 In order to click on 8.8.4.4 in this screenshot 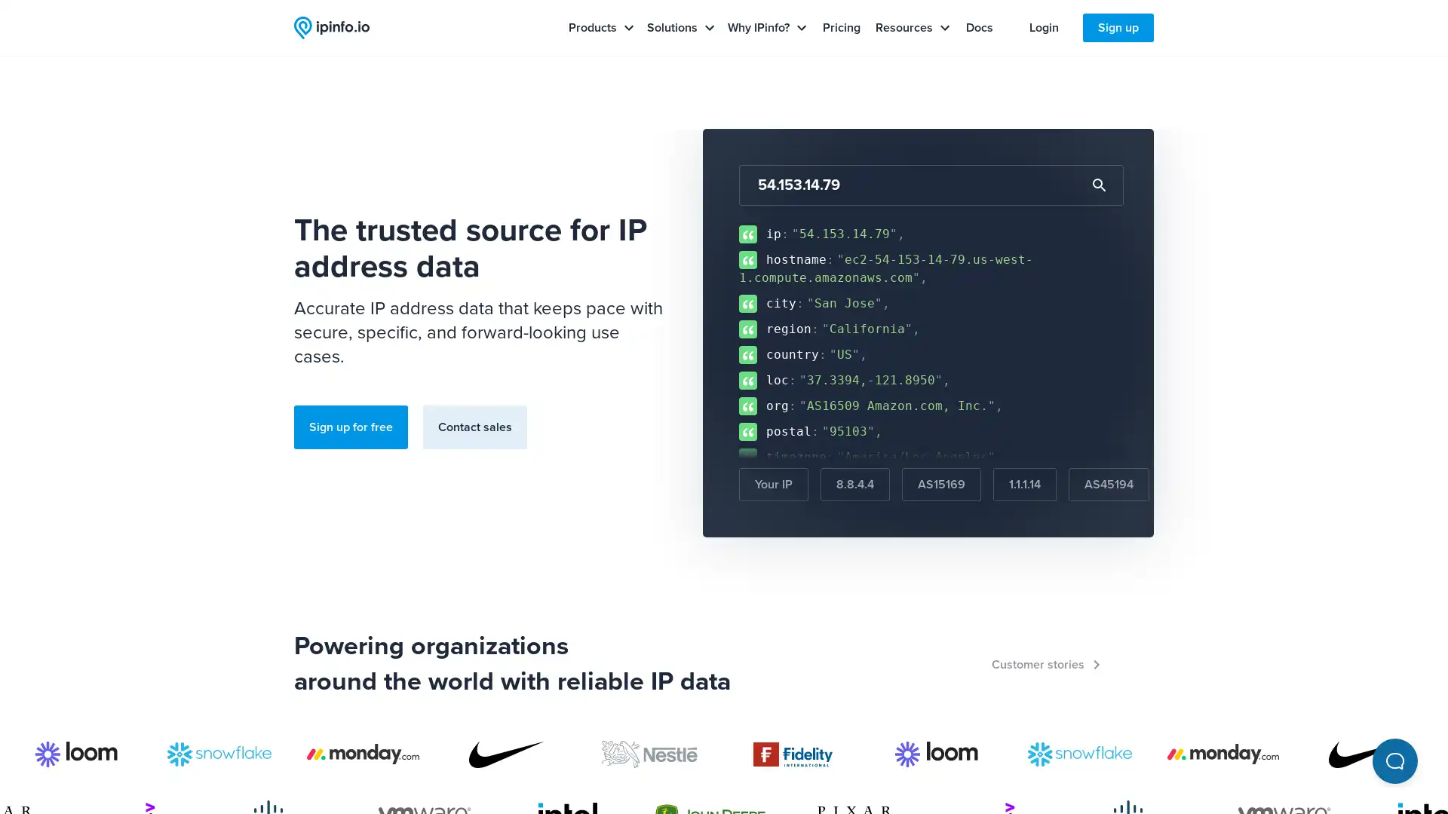, I will do `click(854, 485)`.